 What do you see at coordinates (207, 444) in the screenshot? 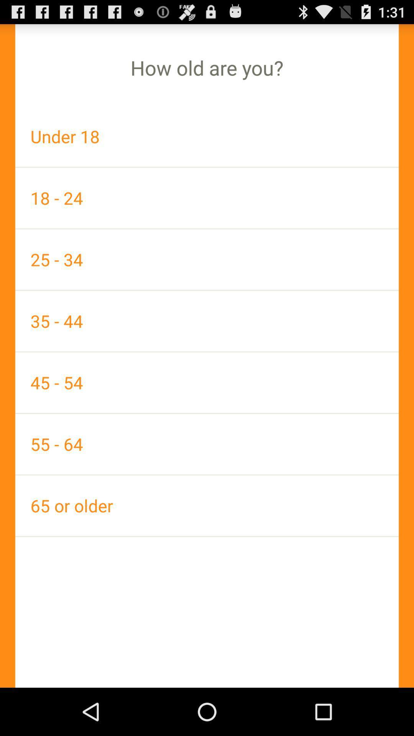
I see `the 55 - 64 app` at bounding box center [207, 444].